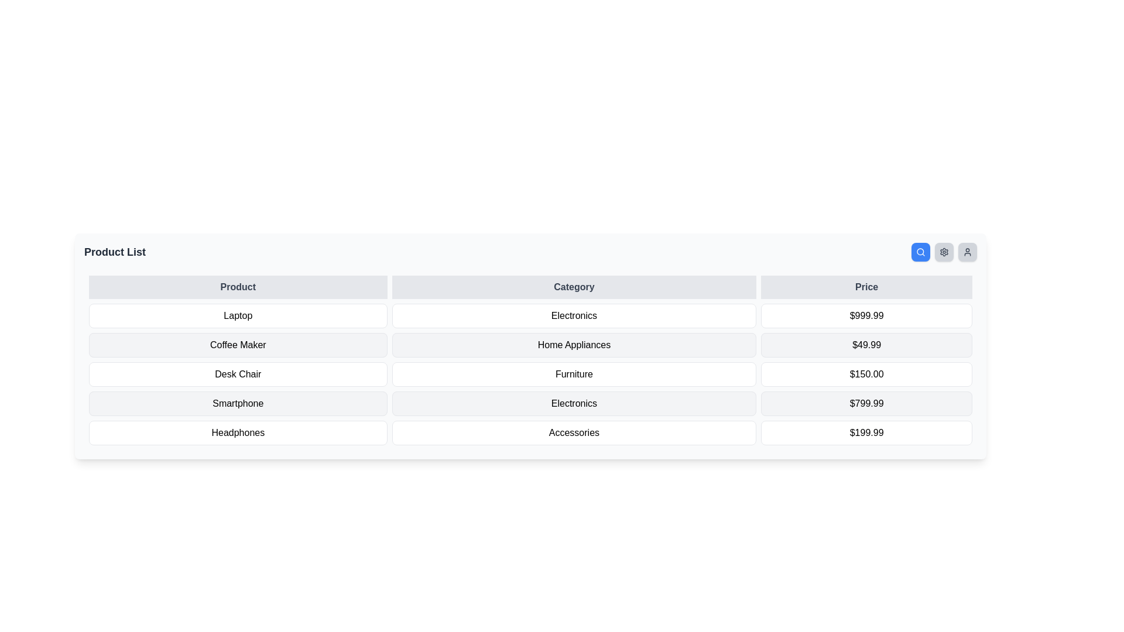 The width and height of the screenshot is (1124, 632). I want to click on the price display of the 'Coffee Maker' product in the second row of the table under the 'Price' column, so click(866, 345).